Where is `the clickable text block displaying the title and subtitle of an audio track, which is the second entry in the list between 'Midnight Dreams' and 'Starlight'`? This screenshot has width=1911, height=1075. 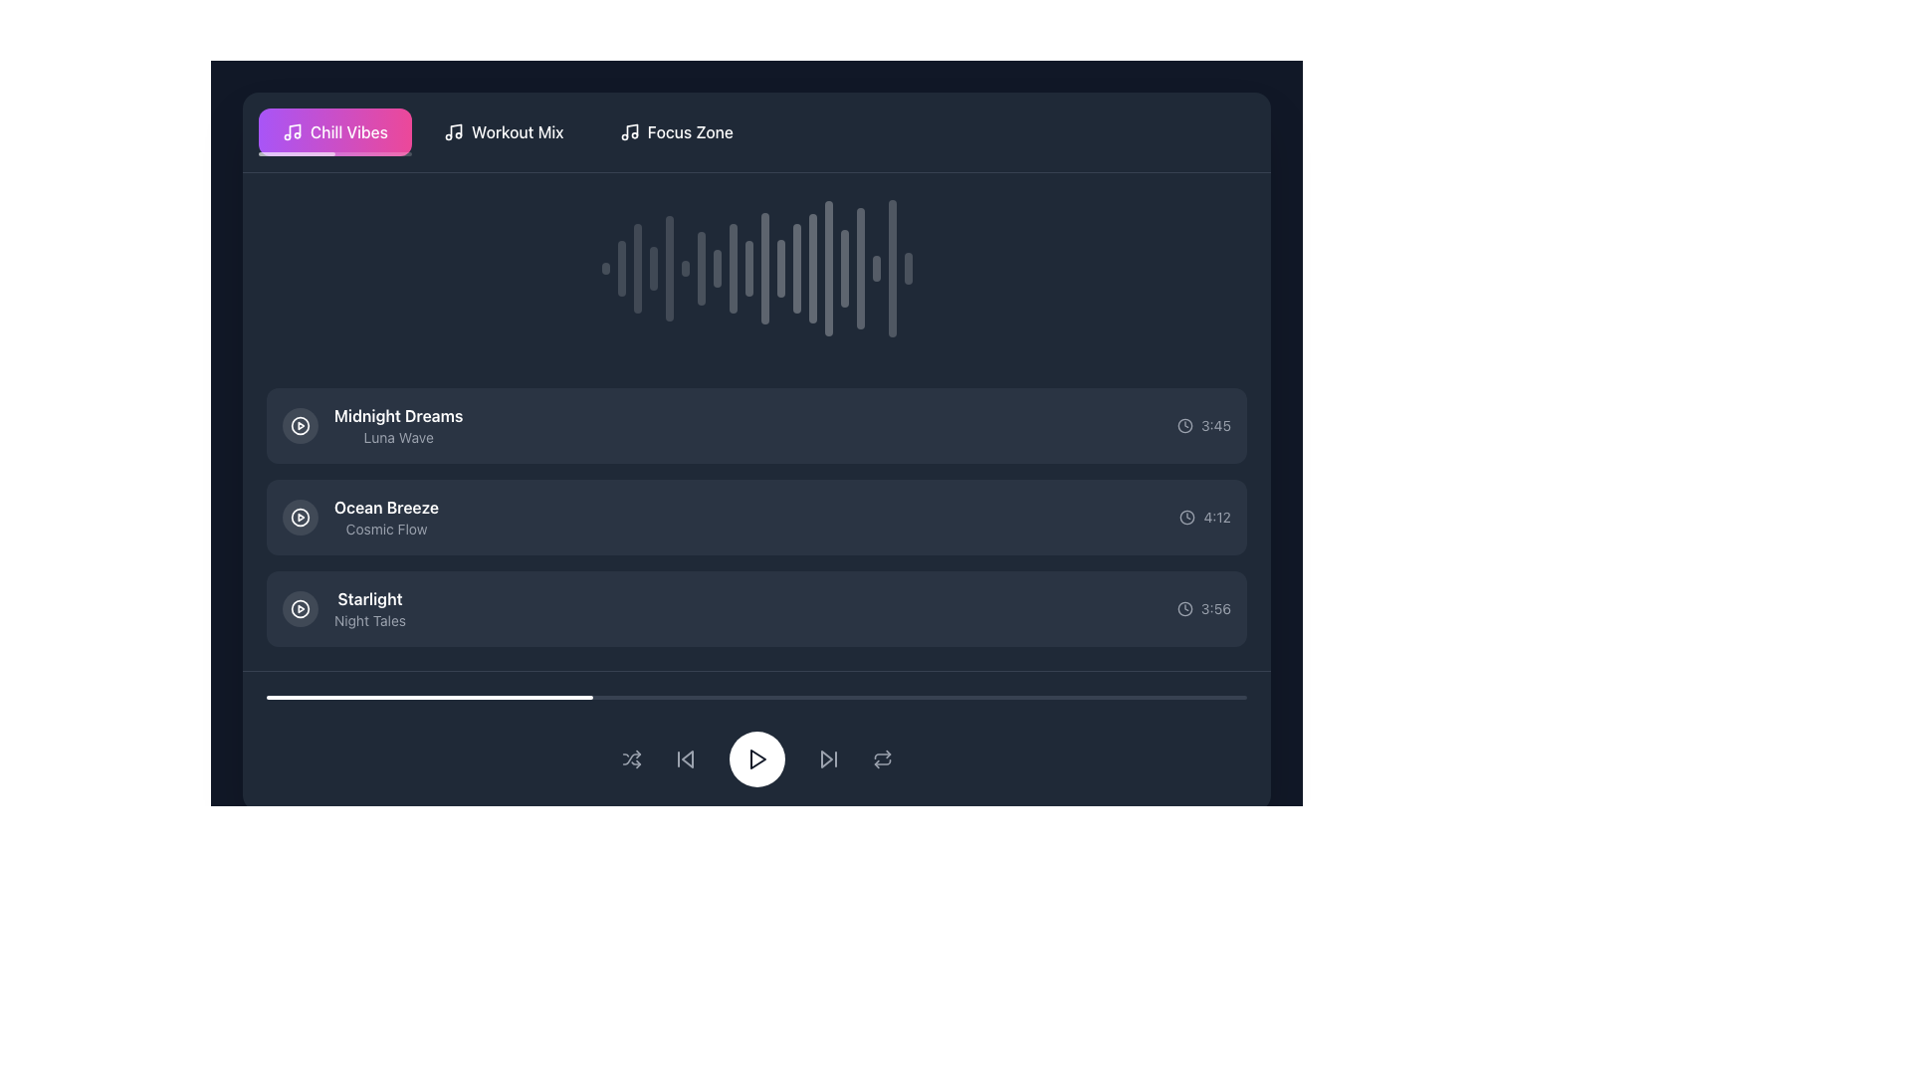
the clickable text block displaying the title and subtitle of an audio track, which is the second entry in the list between 'Midnight Dreams' and 'Starlight' is located at coordinates (386, 517).